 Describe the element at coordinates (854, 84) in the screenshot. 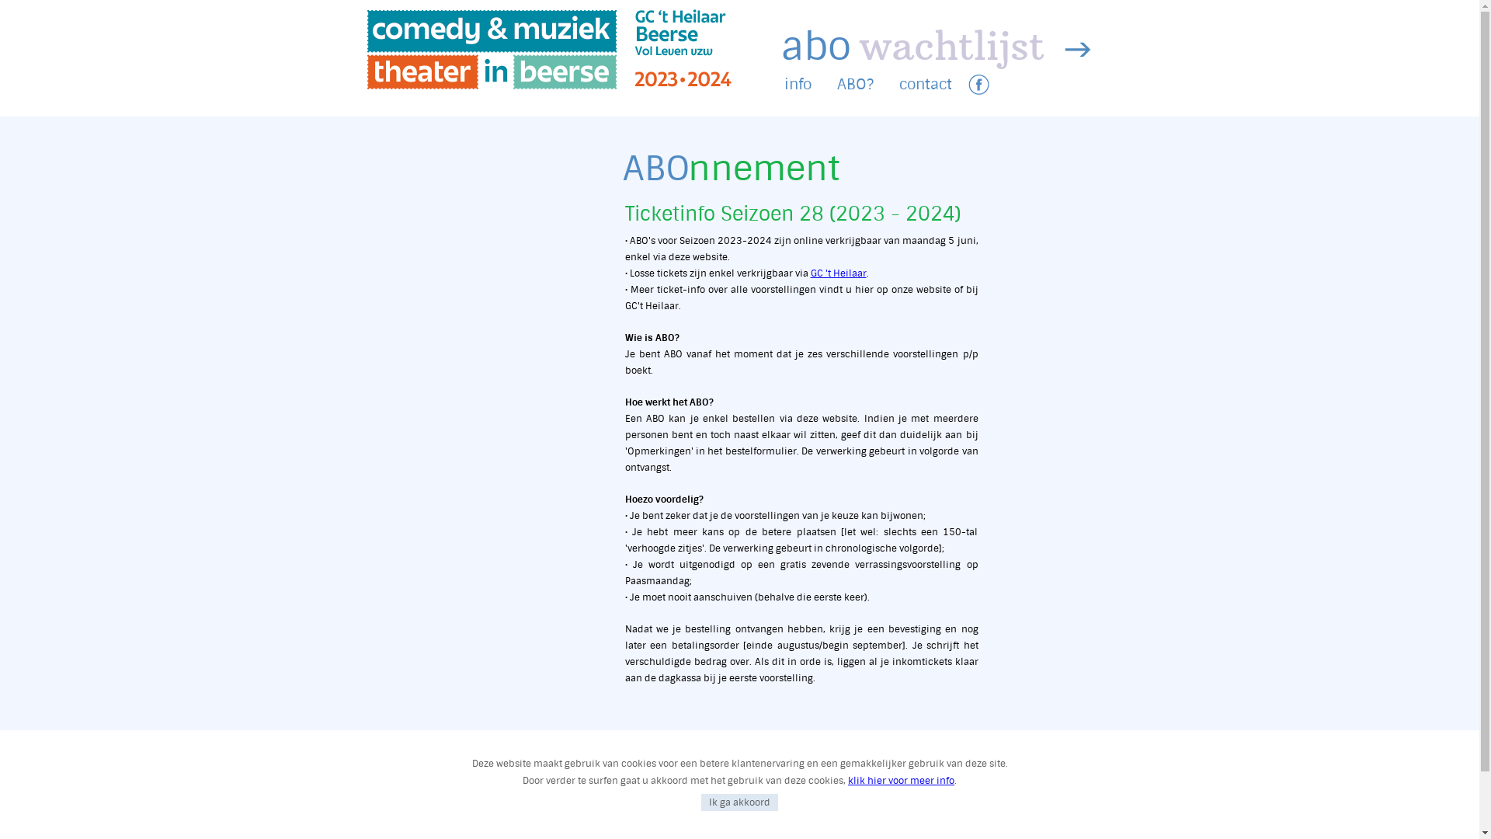

I see `'ABO?'` at that location.